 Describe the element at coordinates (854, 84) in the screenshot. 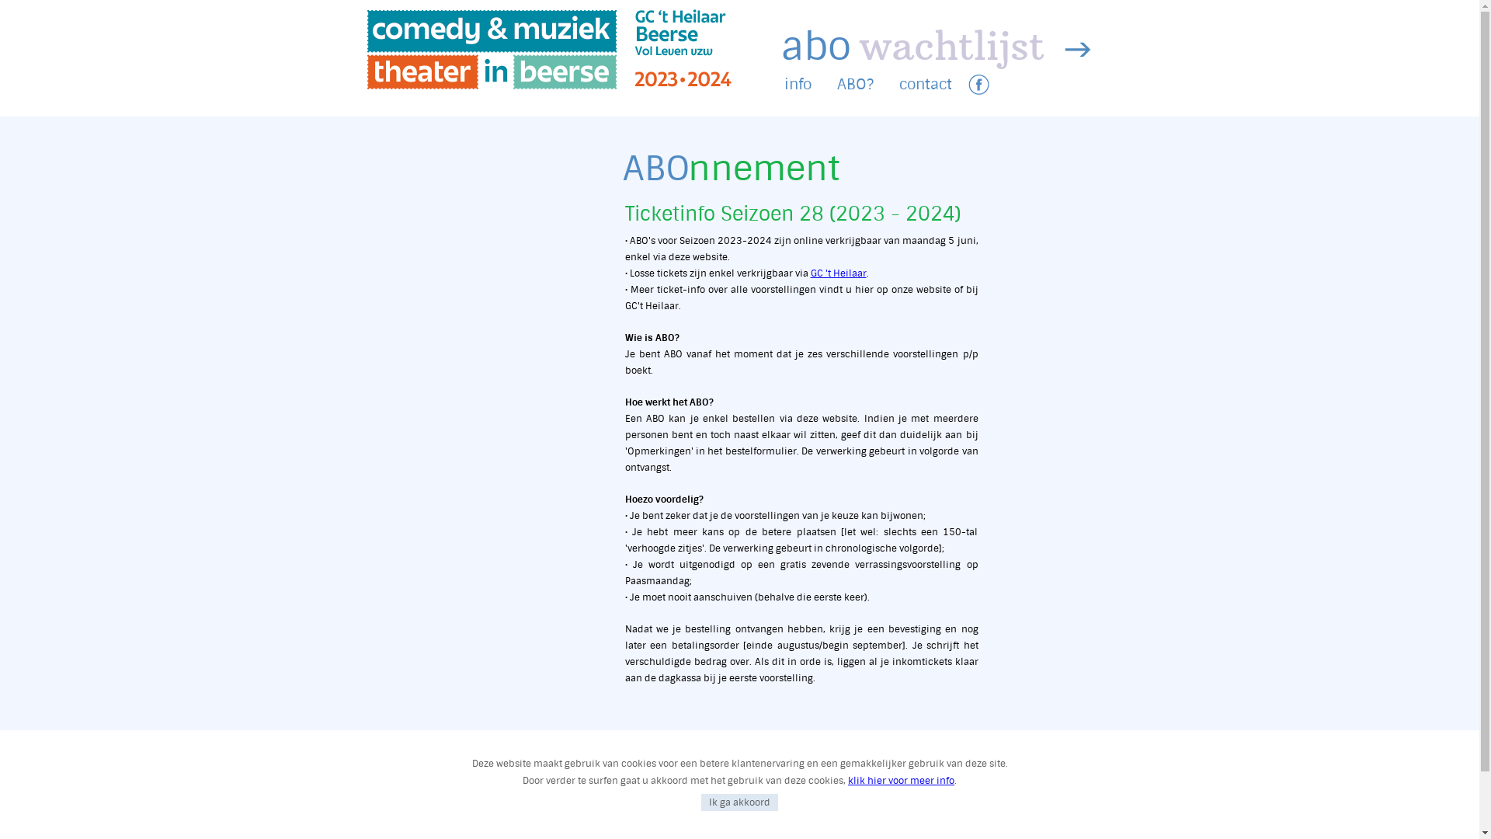

I see `'ABO?'` at that location.